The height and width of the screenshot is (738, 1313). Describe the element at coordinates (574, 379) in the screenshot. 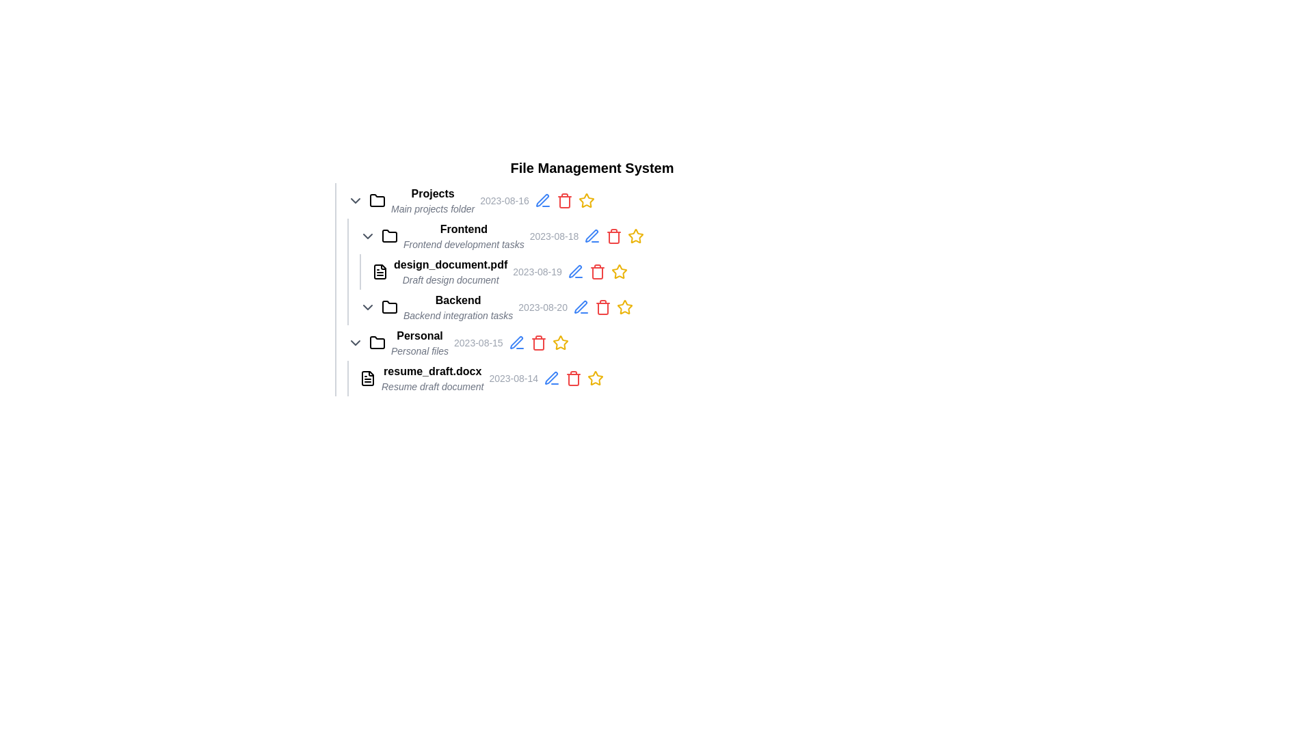

I see `the trash can icon button outlined in red located in the row for 'resume_draft.docx'` at that location.